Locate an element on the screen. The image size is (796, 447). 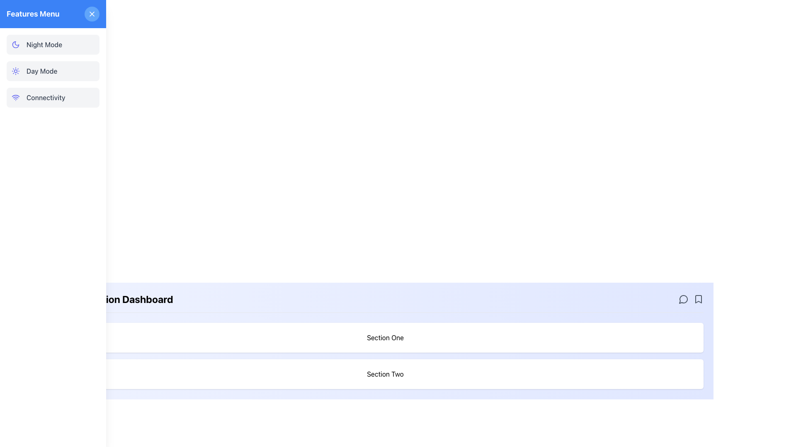
the label indicating 'Section Two', which is positioned directly below 'Section One' in the lower half of the vertically-aligned group of sections is located at coordinates (385, 374).